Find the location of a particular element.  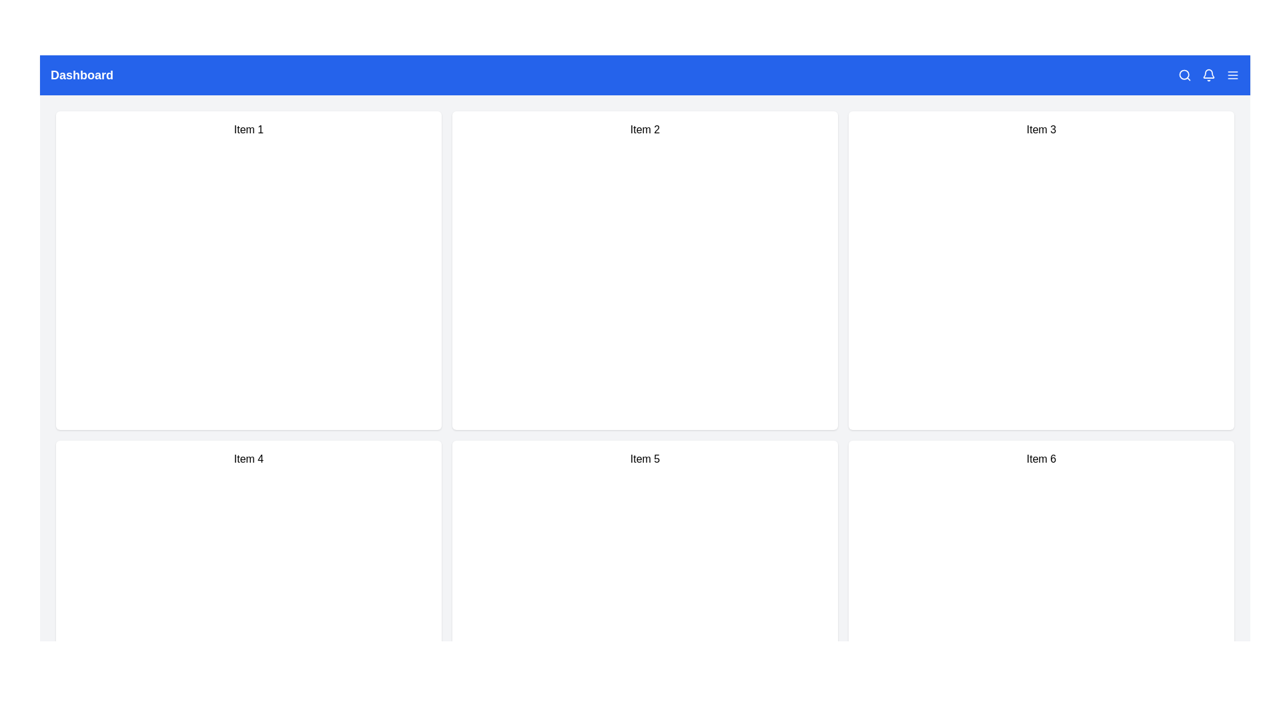

the display card labeled 'Item 3', which is a rectangular card with a white background and rounded corners located in the first row and third column of the grid layout is located at coordinates (1040, 270).